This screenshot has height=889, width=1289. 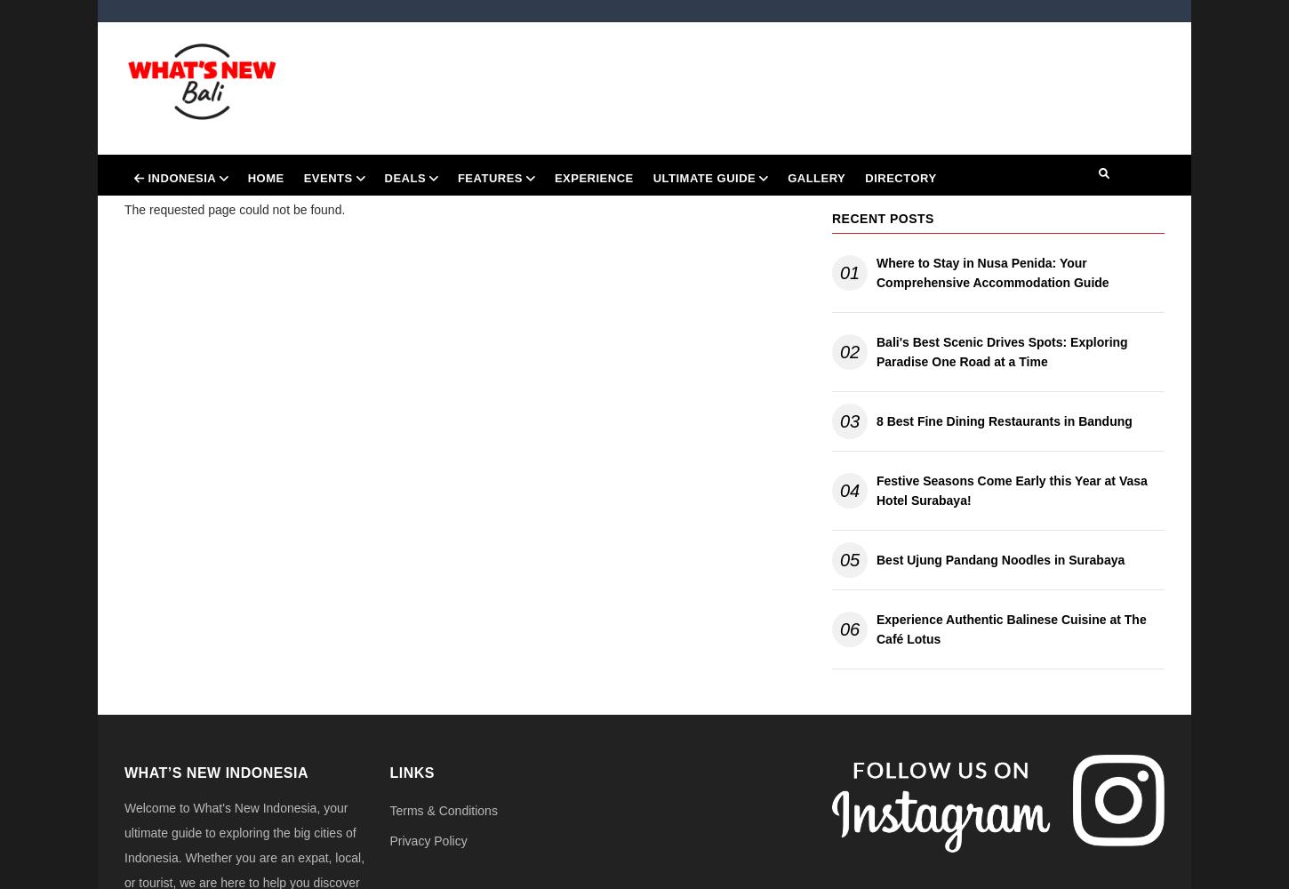 I want to click on '01', so click(x=848, y=272).